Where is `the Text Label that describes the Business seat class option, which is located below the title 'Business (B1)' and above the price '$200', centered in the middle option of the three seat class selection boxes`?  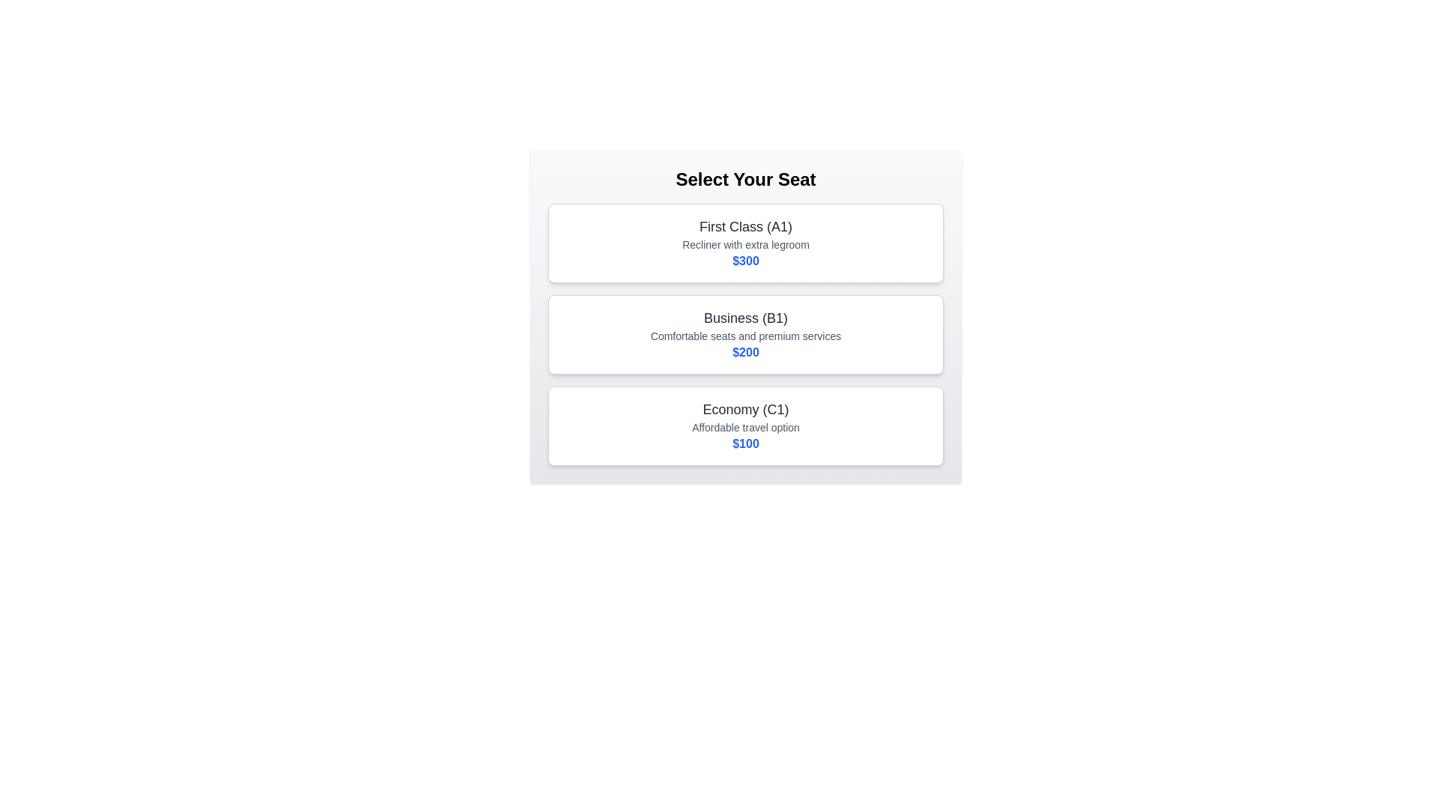 the Text Label that describes the Business seat class option, which is located below the title 'Business (B1)' and above the price '$200', centered in the middle option of the three seat class selection boxes is located at coordinates (746, 335).